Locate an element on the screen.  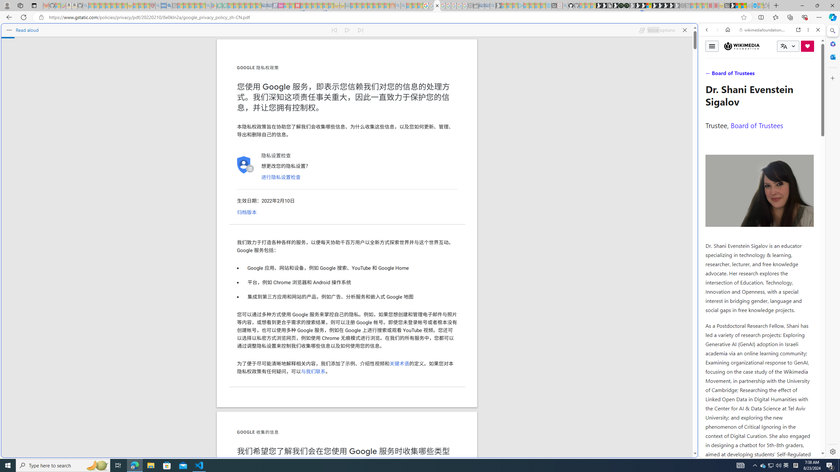
'Terms of Use Agreement - Sleeping' is located at coordinates (219, 5).